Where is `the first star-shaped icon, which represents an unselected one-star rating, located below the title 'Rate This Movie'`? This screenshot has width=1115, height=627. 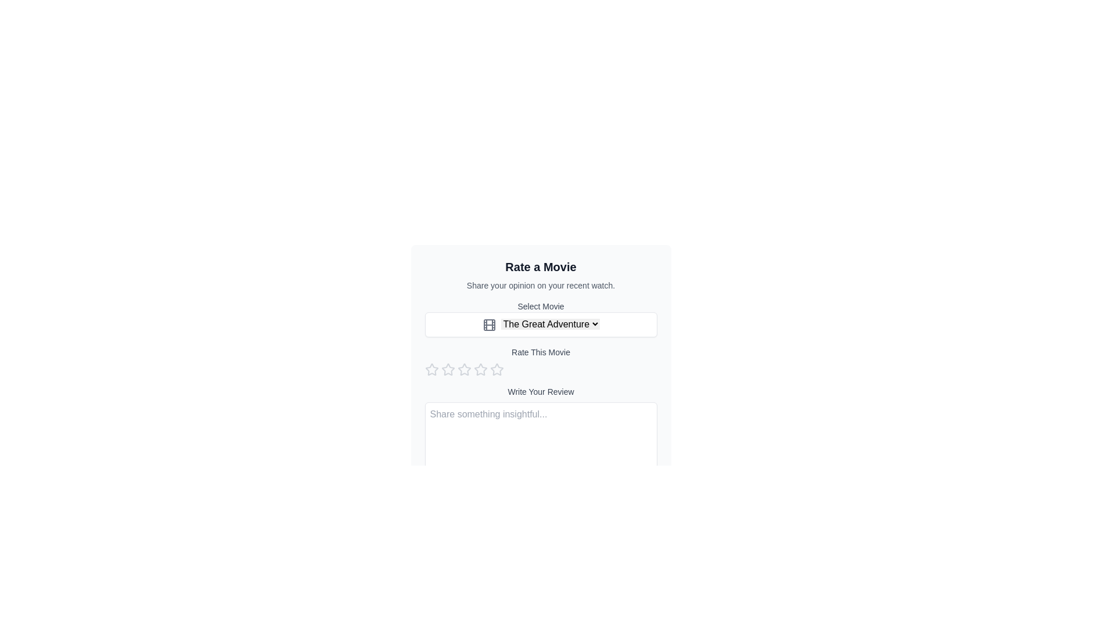
the first star-shaped icon, which represents an unselected one-star rating, located below the title 'Rate This Movie' is located at coordinates (431, 369).